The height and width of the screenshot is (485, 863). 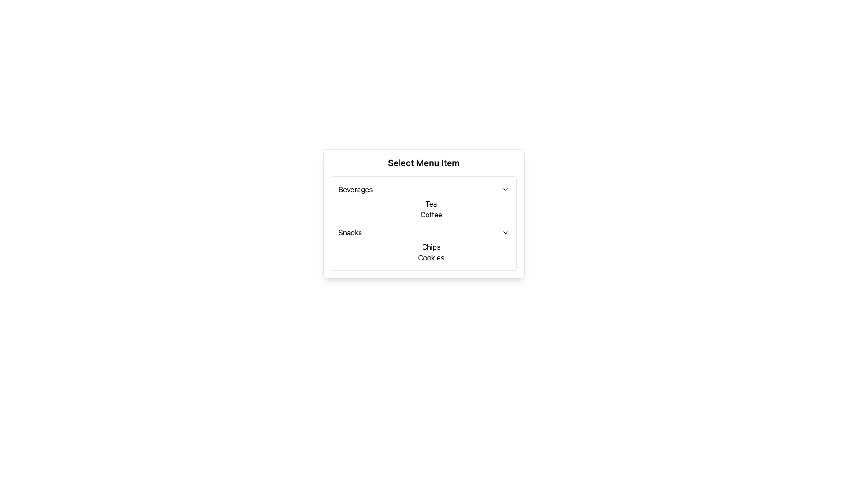 I want to click on the chevron icon to the right of the 'Snacks' text, so click(x=505, y=232).